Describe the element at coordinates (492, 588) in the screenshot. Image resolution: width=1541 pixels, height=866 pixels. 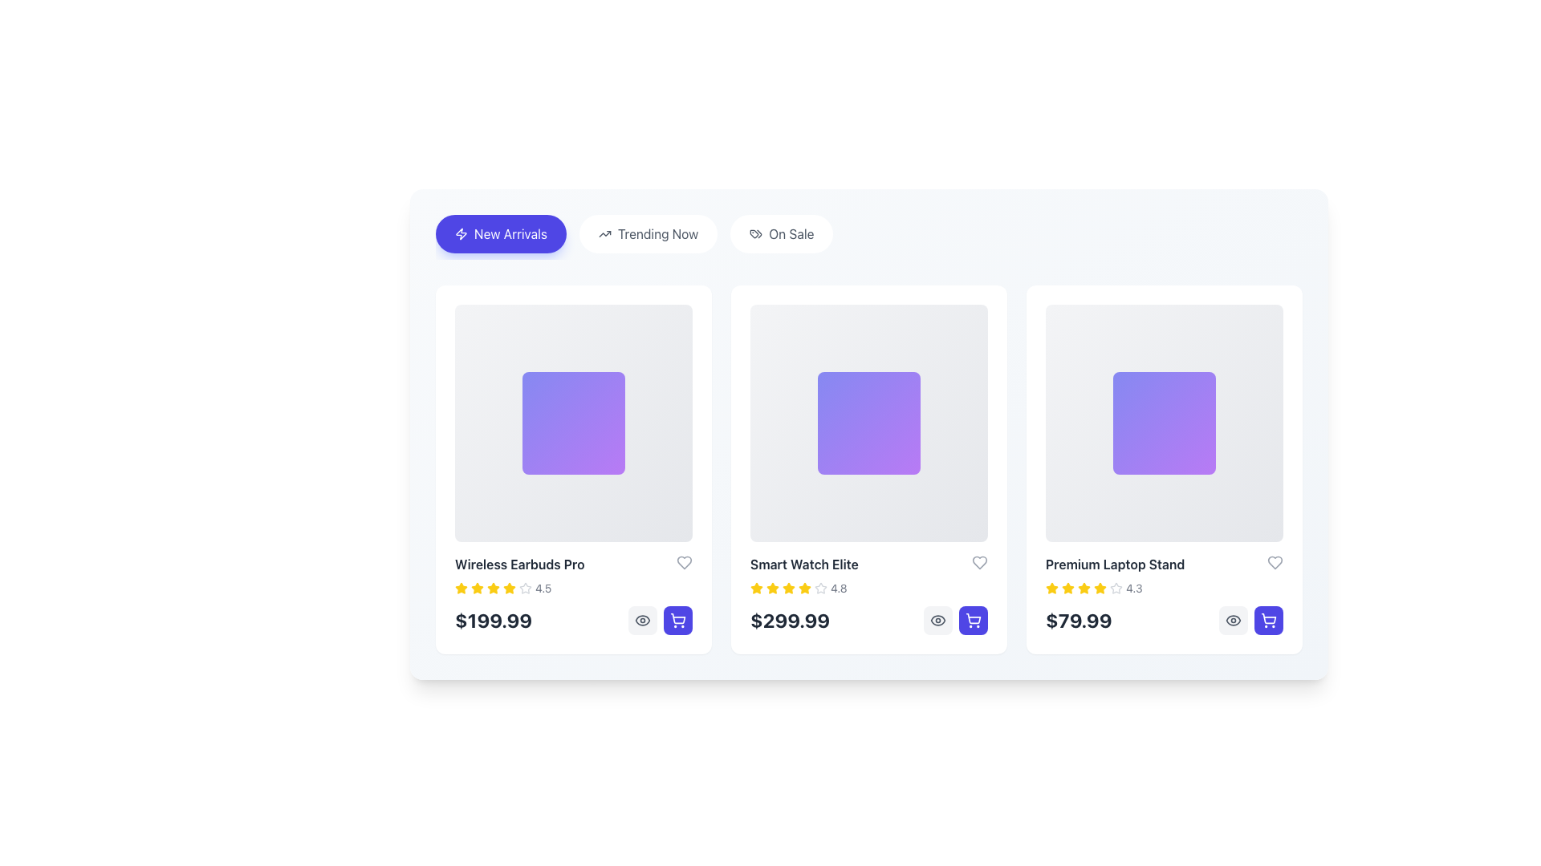
I see `the fifth star SVG icon in the rating system of the 'Wireless Earbuds Pro' product card` at that location.